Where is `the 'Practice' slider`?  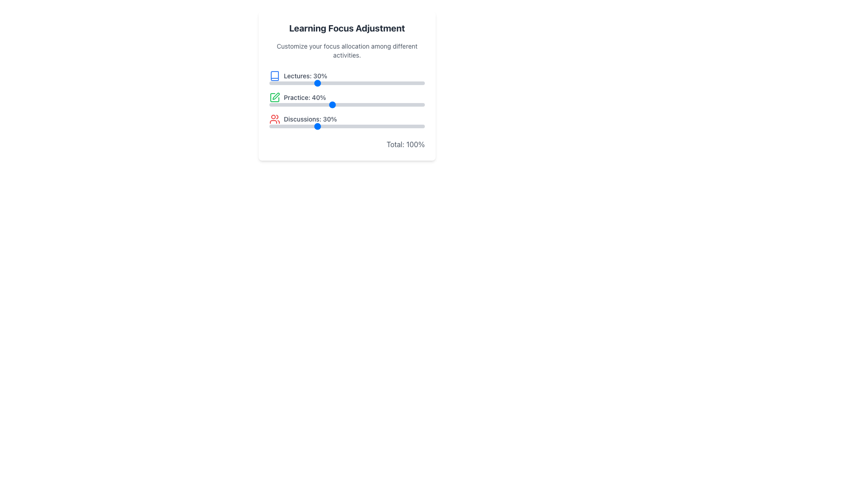 the 'Practice' slider is located at coordinates (373, 104).